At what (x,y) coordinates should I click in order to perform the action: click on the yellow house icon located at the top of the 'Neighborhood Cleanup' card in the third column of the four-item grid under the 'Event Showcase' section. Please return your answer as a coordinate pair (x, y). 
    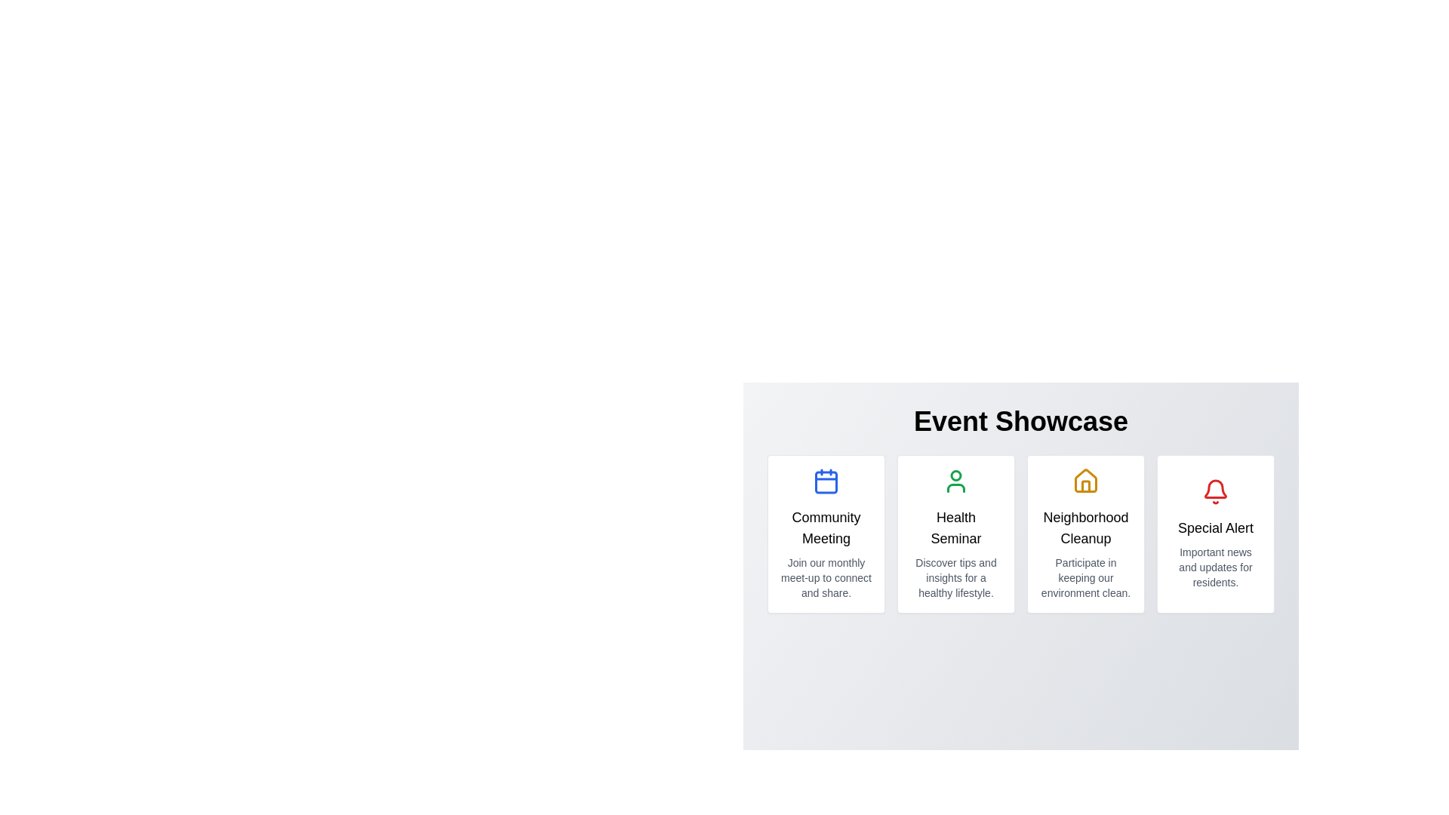
    Looking at the image, I should click on (1085, 481).